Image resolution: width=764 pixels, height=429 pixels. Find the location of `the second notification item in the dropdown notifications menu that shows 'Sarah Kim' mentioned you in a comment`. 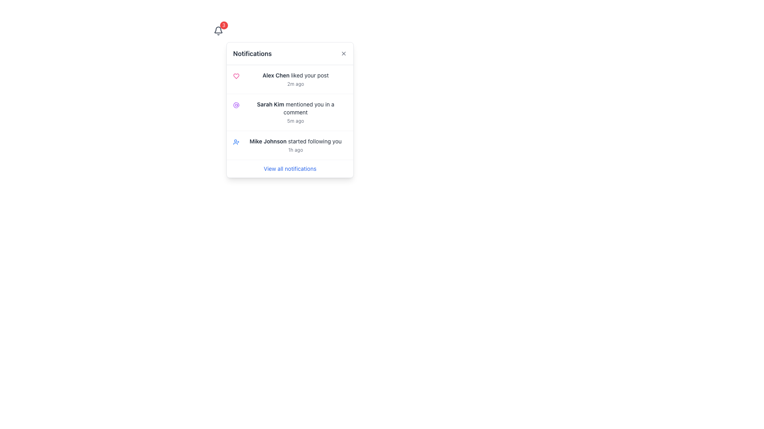

the second notification item in the dropdown notifications menu that shows 'Sarah Kim' mentioned you in a comment is located at coordinates (290, 110).